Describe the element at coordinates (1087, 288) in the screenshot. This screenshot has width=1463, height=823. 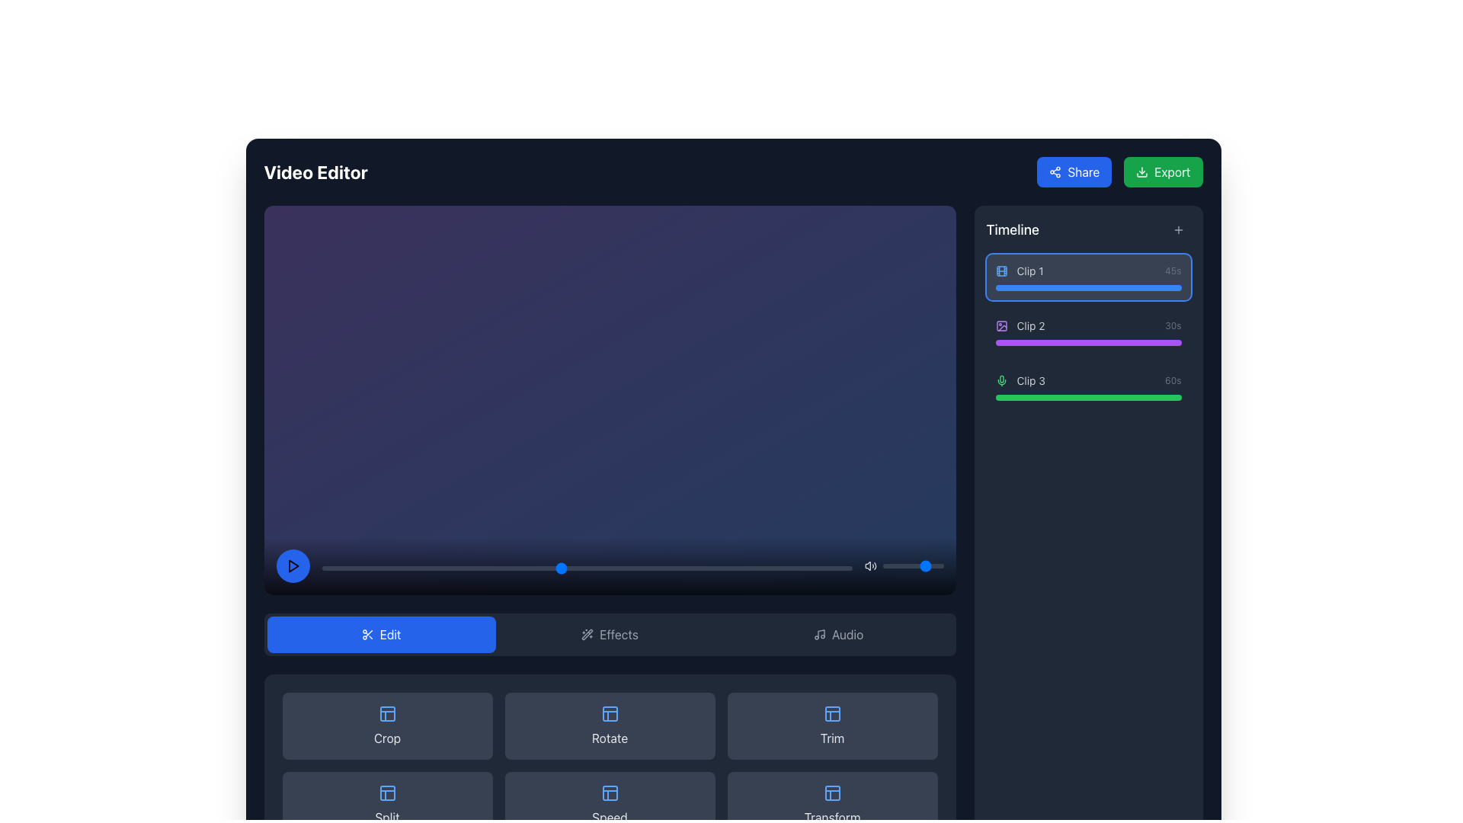
I see `the progress bar located in the timeline section below 'Clip 1'` at that location.